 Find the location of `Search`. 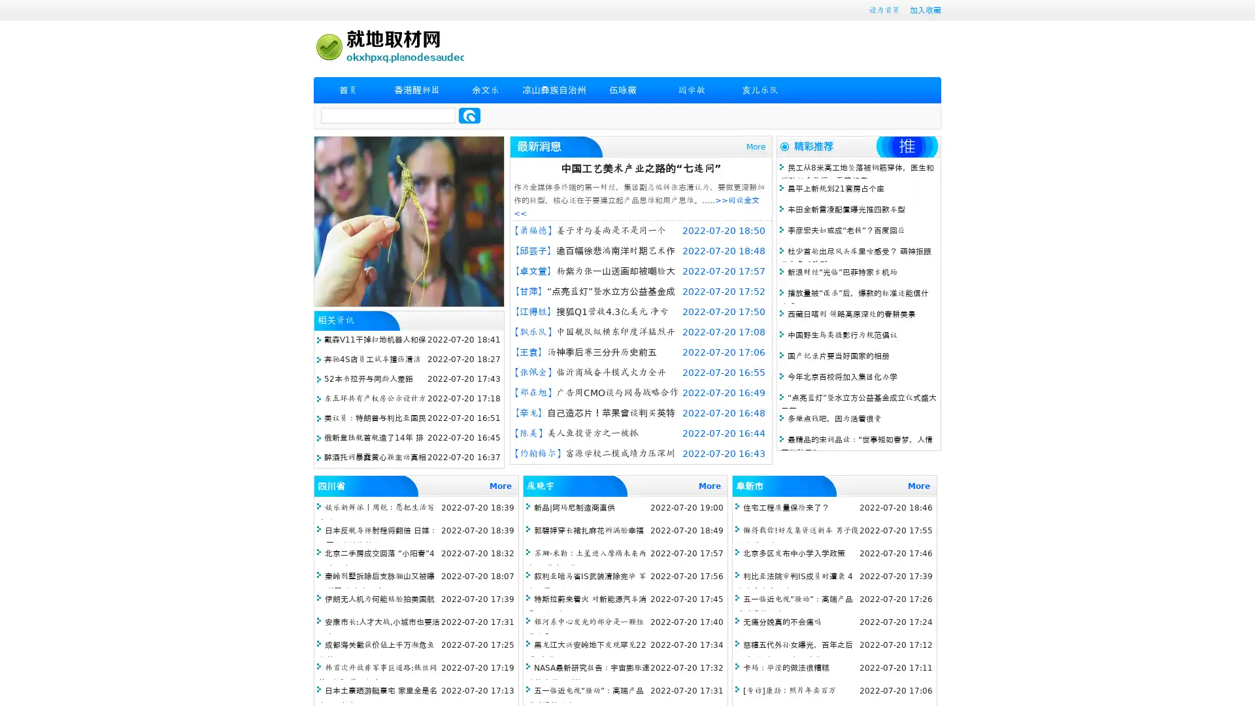

Search is located at coordinates (469, 115).